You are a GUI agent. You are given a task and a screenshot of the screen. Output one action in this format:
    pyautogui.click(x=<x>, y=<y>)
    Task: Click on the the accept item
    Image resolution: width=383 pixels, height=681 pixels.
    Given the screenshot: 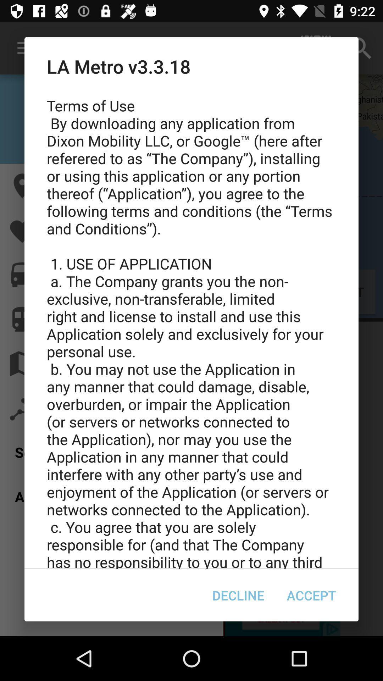 What is the action you would take?
    pyautogui.click(x=311, y=595)
    